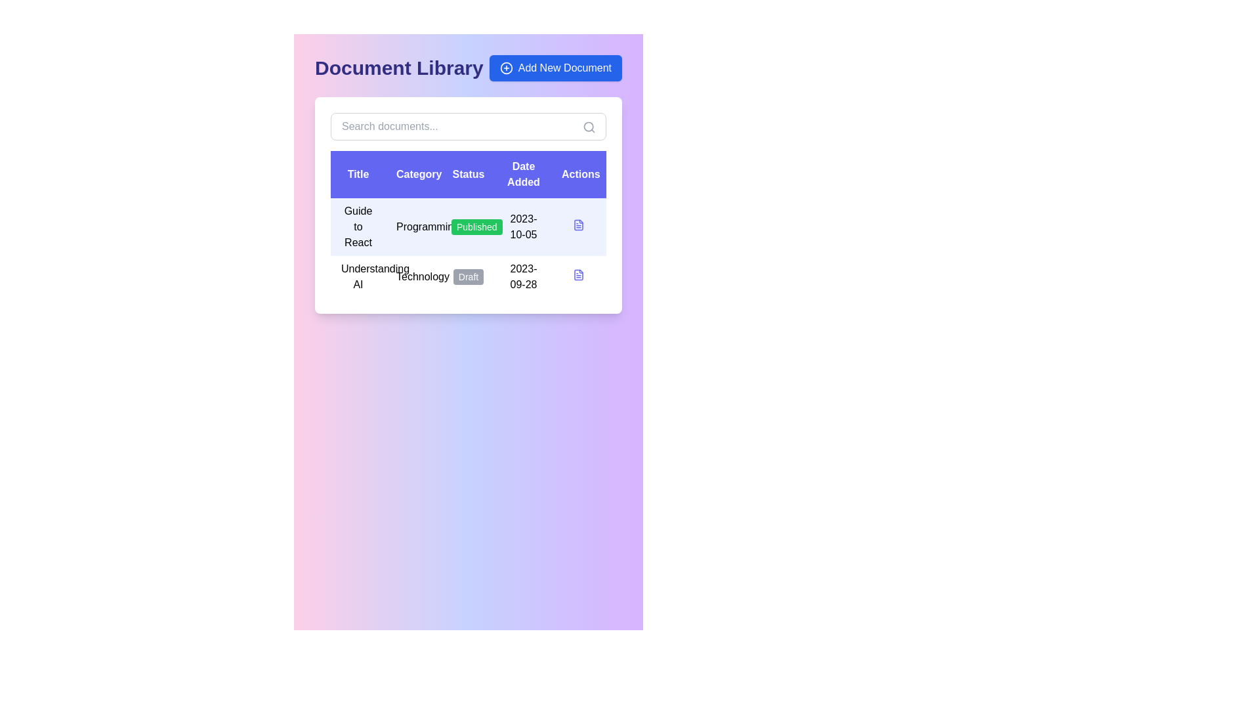  Describe the element at coordinates (522, 226) in the screenshot. I see `the Text Label displaying the date '2023-10-05' in the 'Date Added' column of the first row of the table` at that location.